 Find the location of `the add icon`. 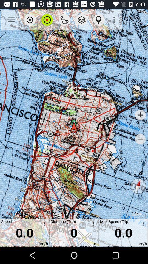

the add icon is located at coordinates (140, 115).